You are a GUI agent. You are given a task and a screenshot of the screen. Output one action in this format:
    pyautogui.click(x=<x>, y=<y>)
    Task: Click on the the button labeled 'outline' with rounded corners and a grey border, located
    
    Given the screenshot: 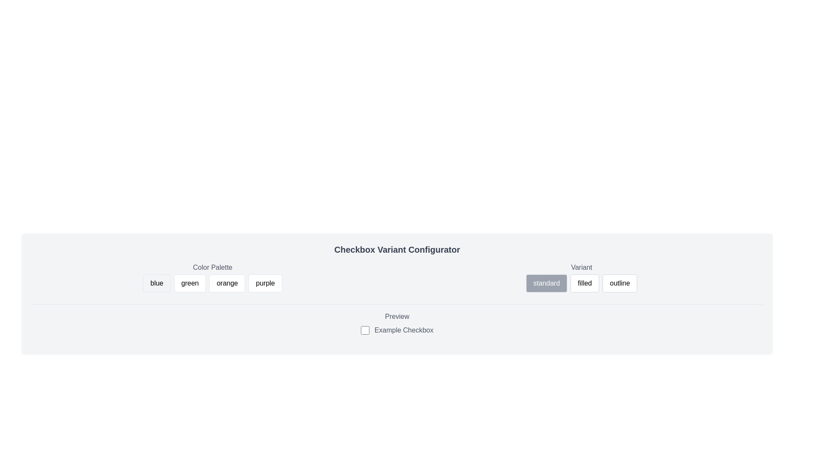 What is the action you would take?
    pyautogui.click(x=620, y=283)
    